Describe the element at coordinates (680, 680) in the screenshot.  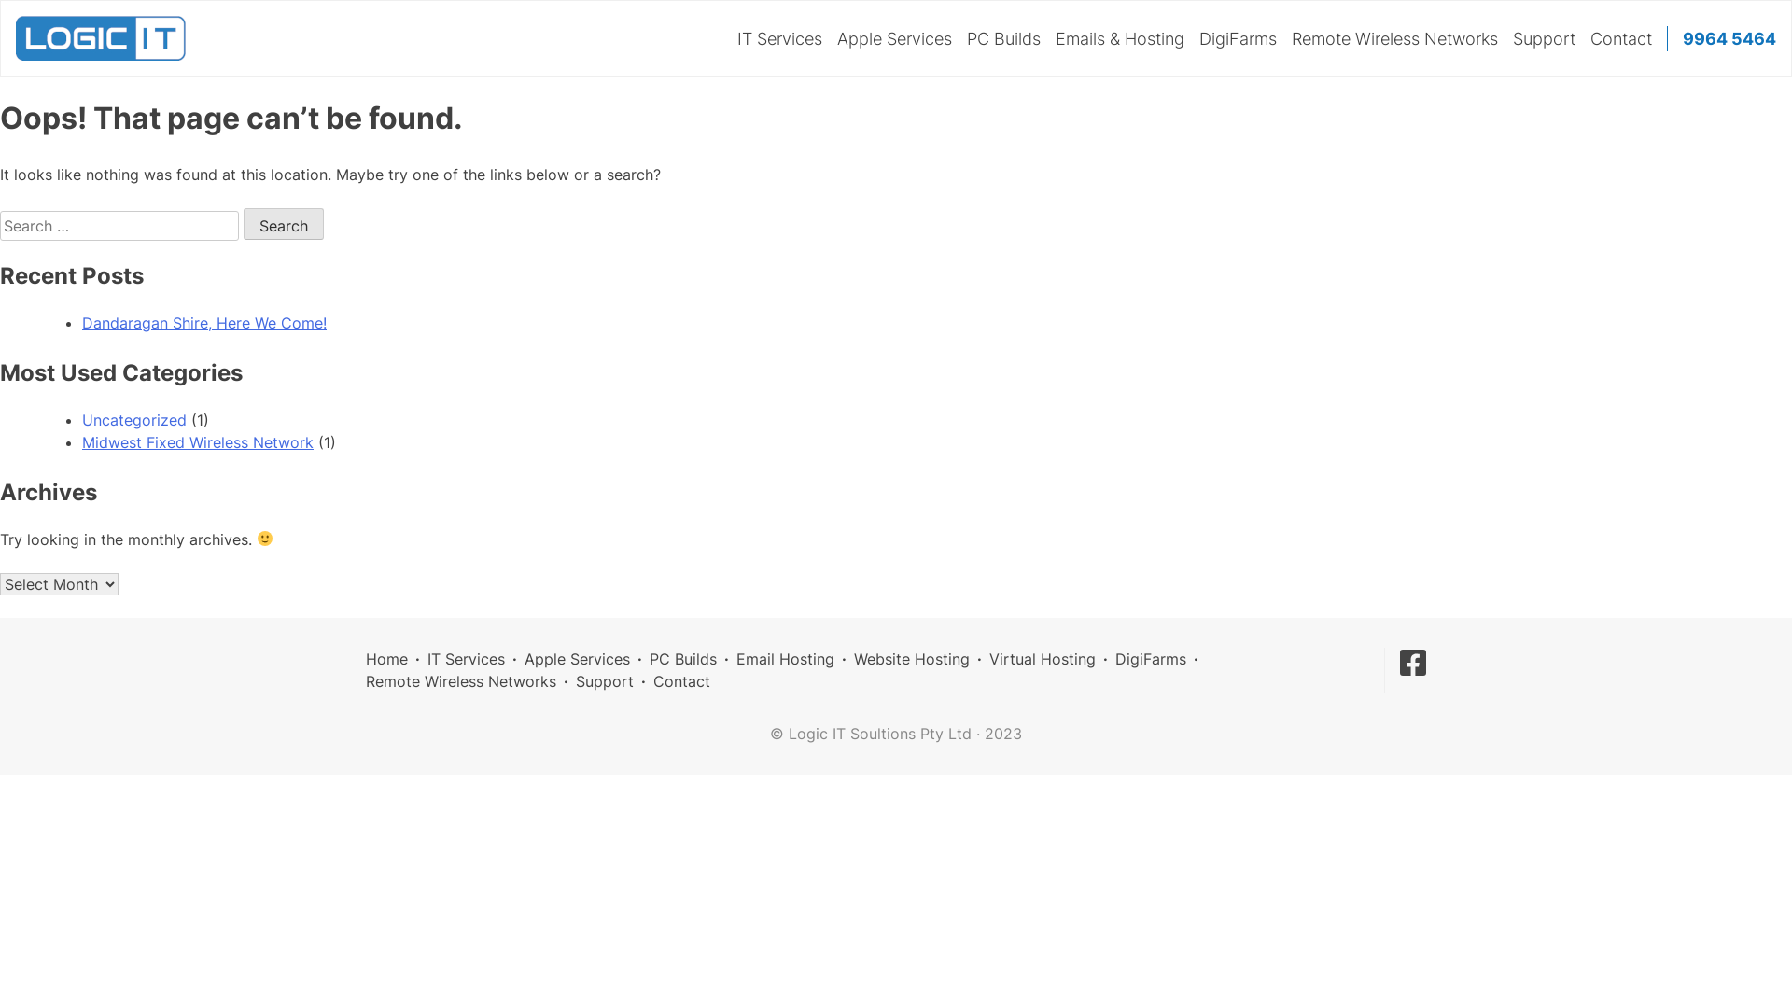
I see `'Contact'` at that location.